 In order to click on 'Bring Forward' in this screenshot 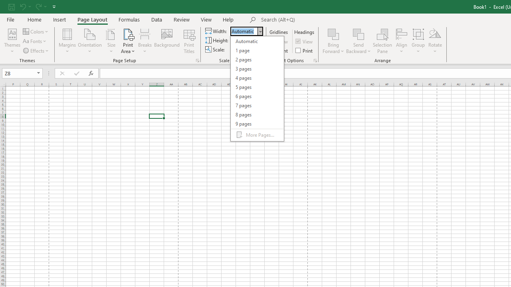, I will do `click(333, 33)`.